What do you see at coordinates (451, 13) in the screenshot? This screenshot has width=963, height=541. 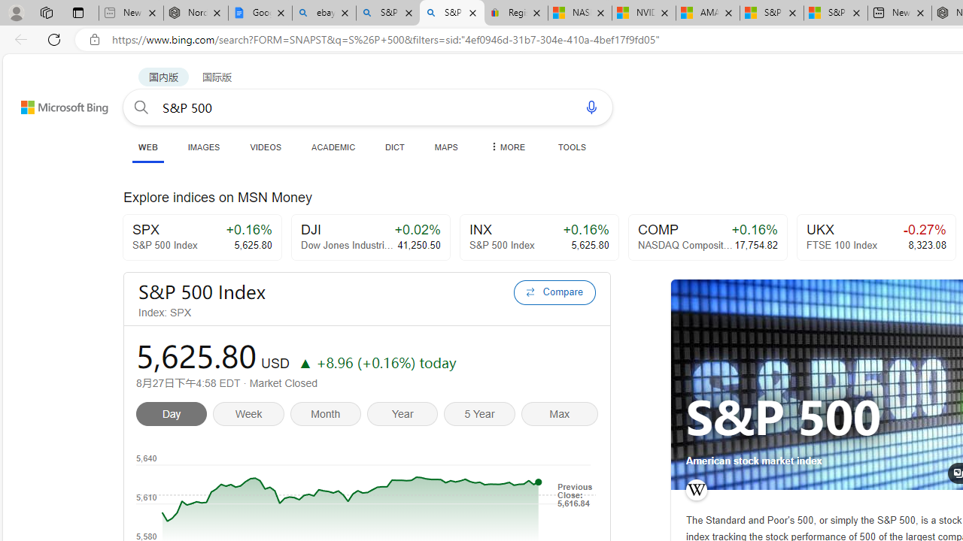 I see `'S&P 500 - Search'` at bounding box center [451, 13].